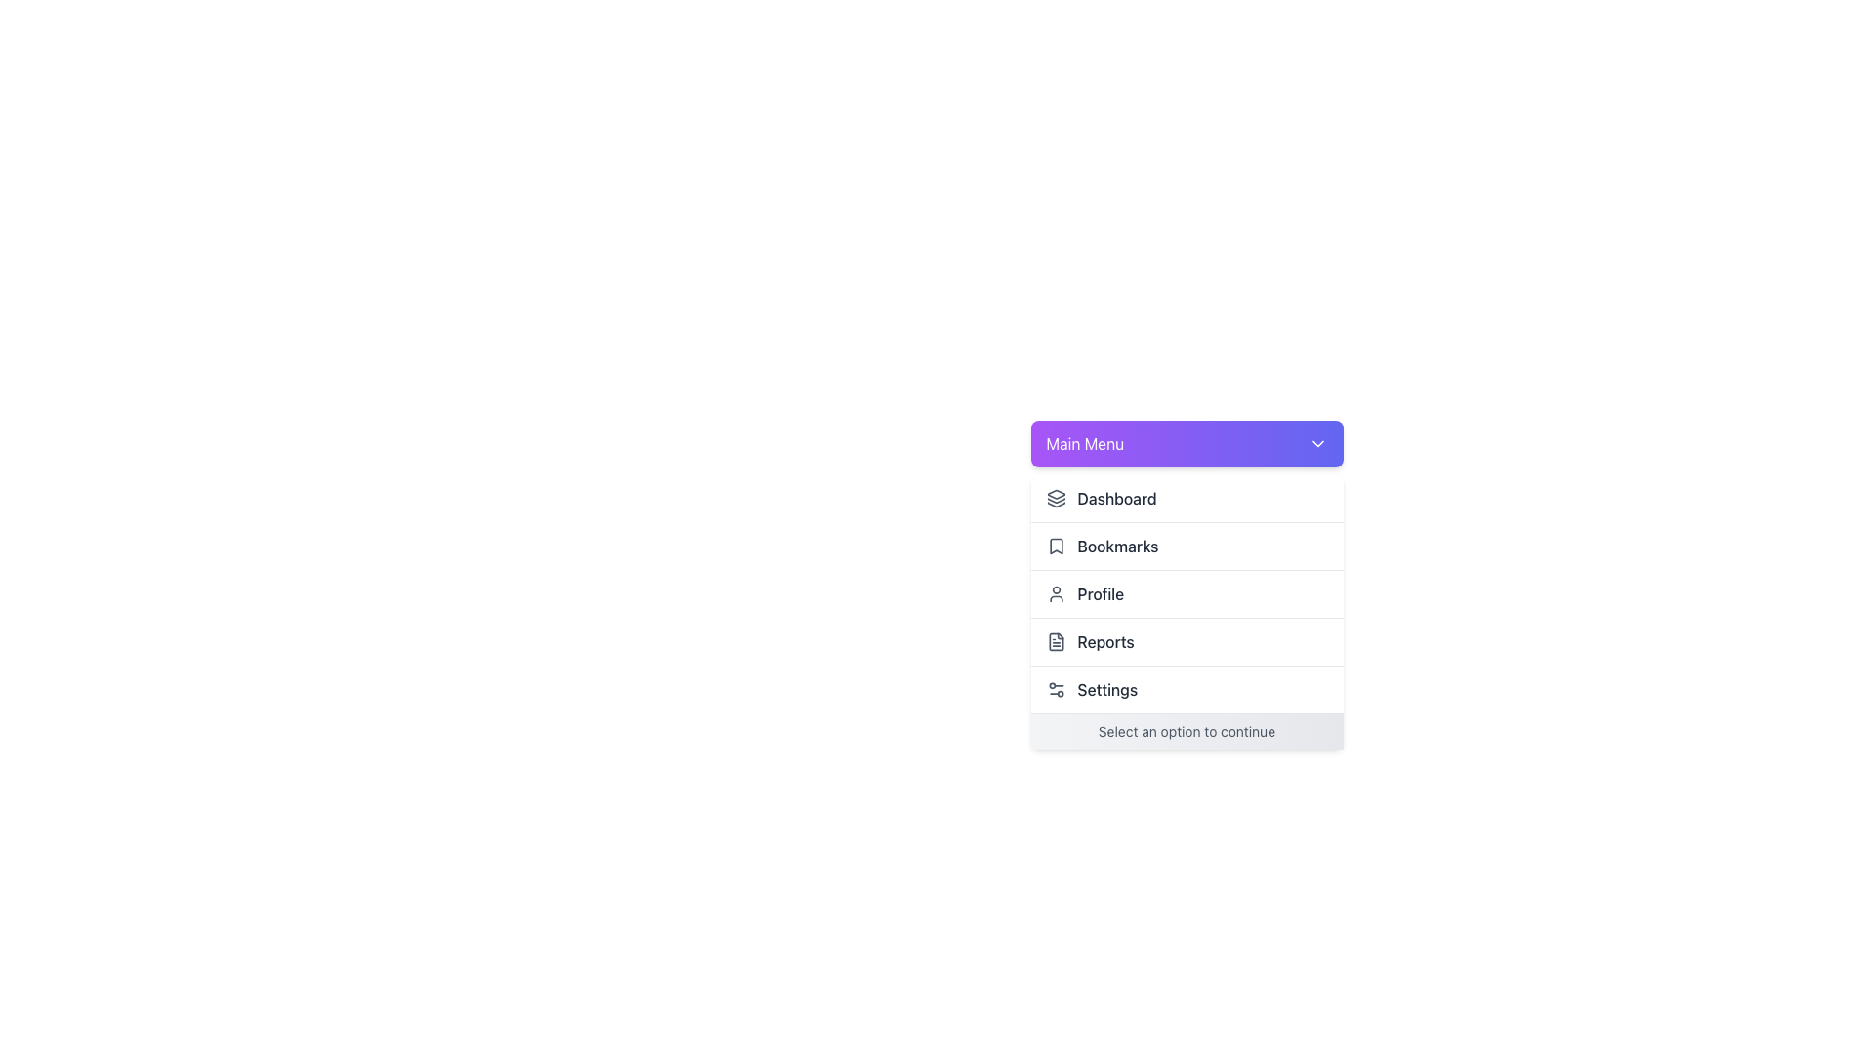 The image size is (1875, 1054). Describe the element at coordinates (1317, 444) in the screenshot. I see `the dropdown toggle icon located on the right side of the purple header bar labeled 'Main Menu'` at that location.